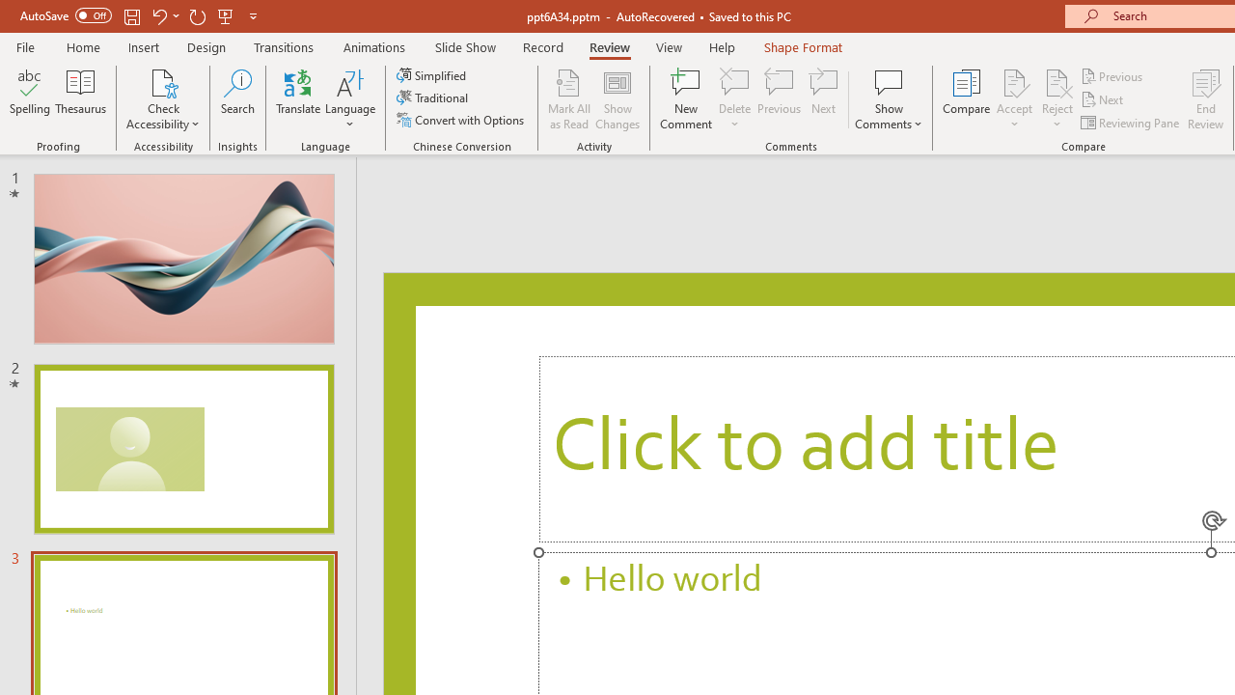  What do you see at coordinates (79, 99) in the screenshot?
I see `'Thesaurus...'` at bounding box center [79, 99].